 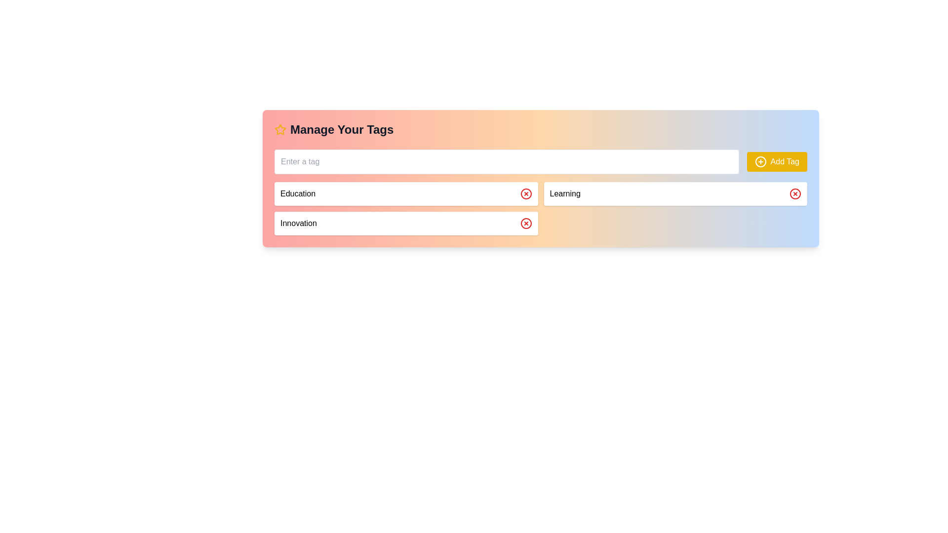 I want to click on the button located to the right side of the text input field to initiate the process of adding a new tag, so click(x=776, y=161).